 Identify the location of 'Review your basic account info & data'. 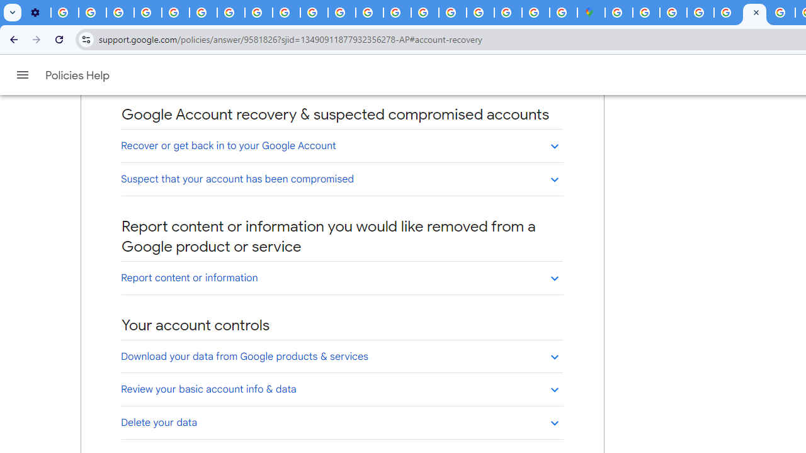
(341, 388).